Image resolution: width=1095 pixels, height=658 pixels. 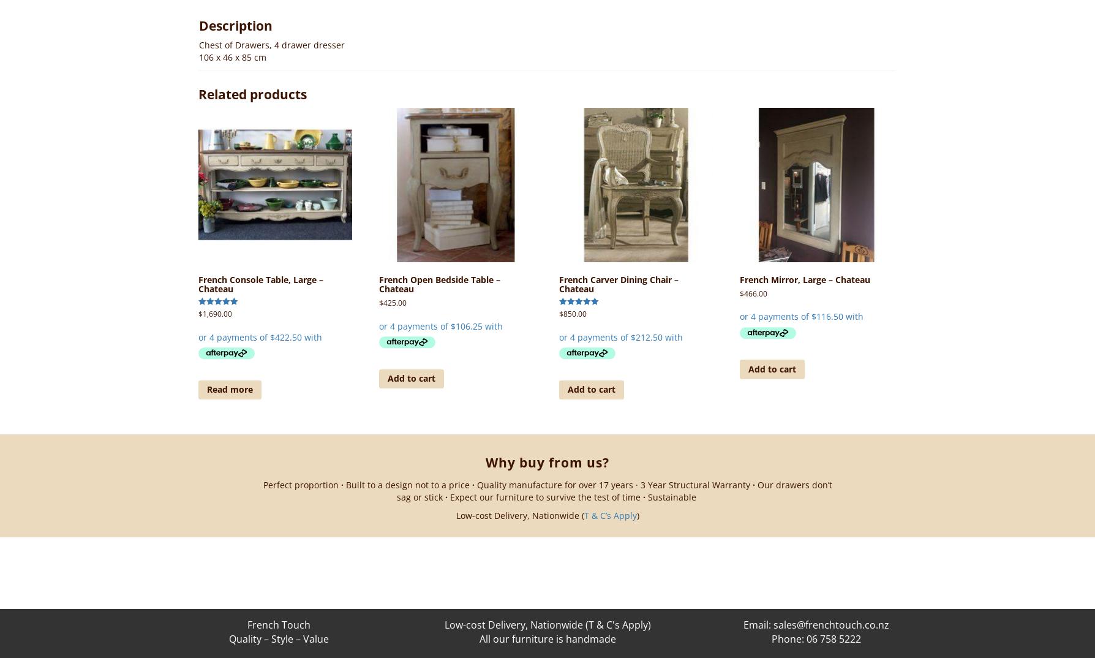 What do you see at coordinates (278, 638) in the screenshot?
I see `'Quality – Style – Value'` at bounding box center [278, 638].